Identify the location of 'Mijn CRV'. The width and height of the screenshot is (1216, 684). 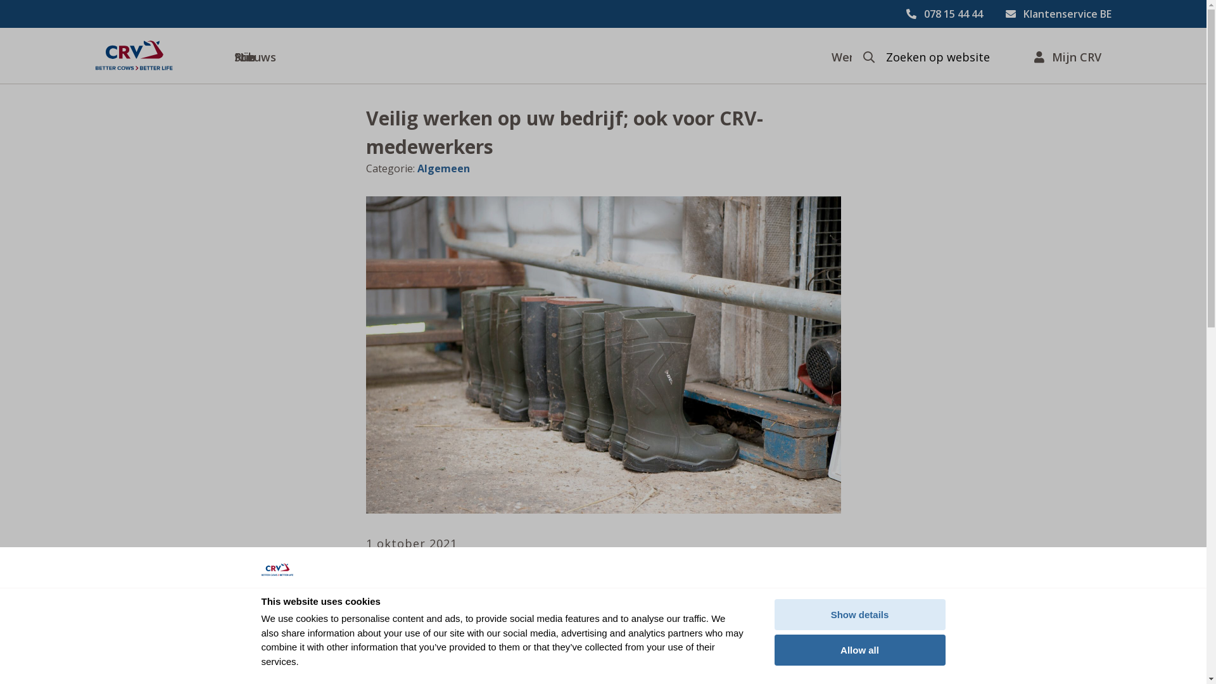
(1066, 55).